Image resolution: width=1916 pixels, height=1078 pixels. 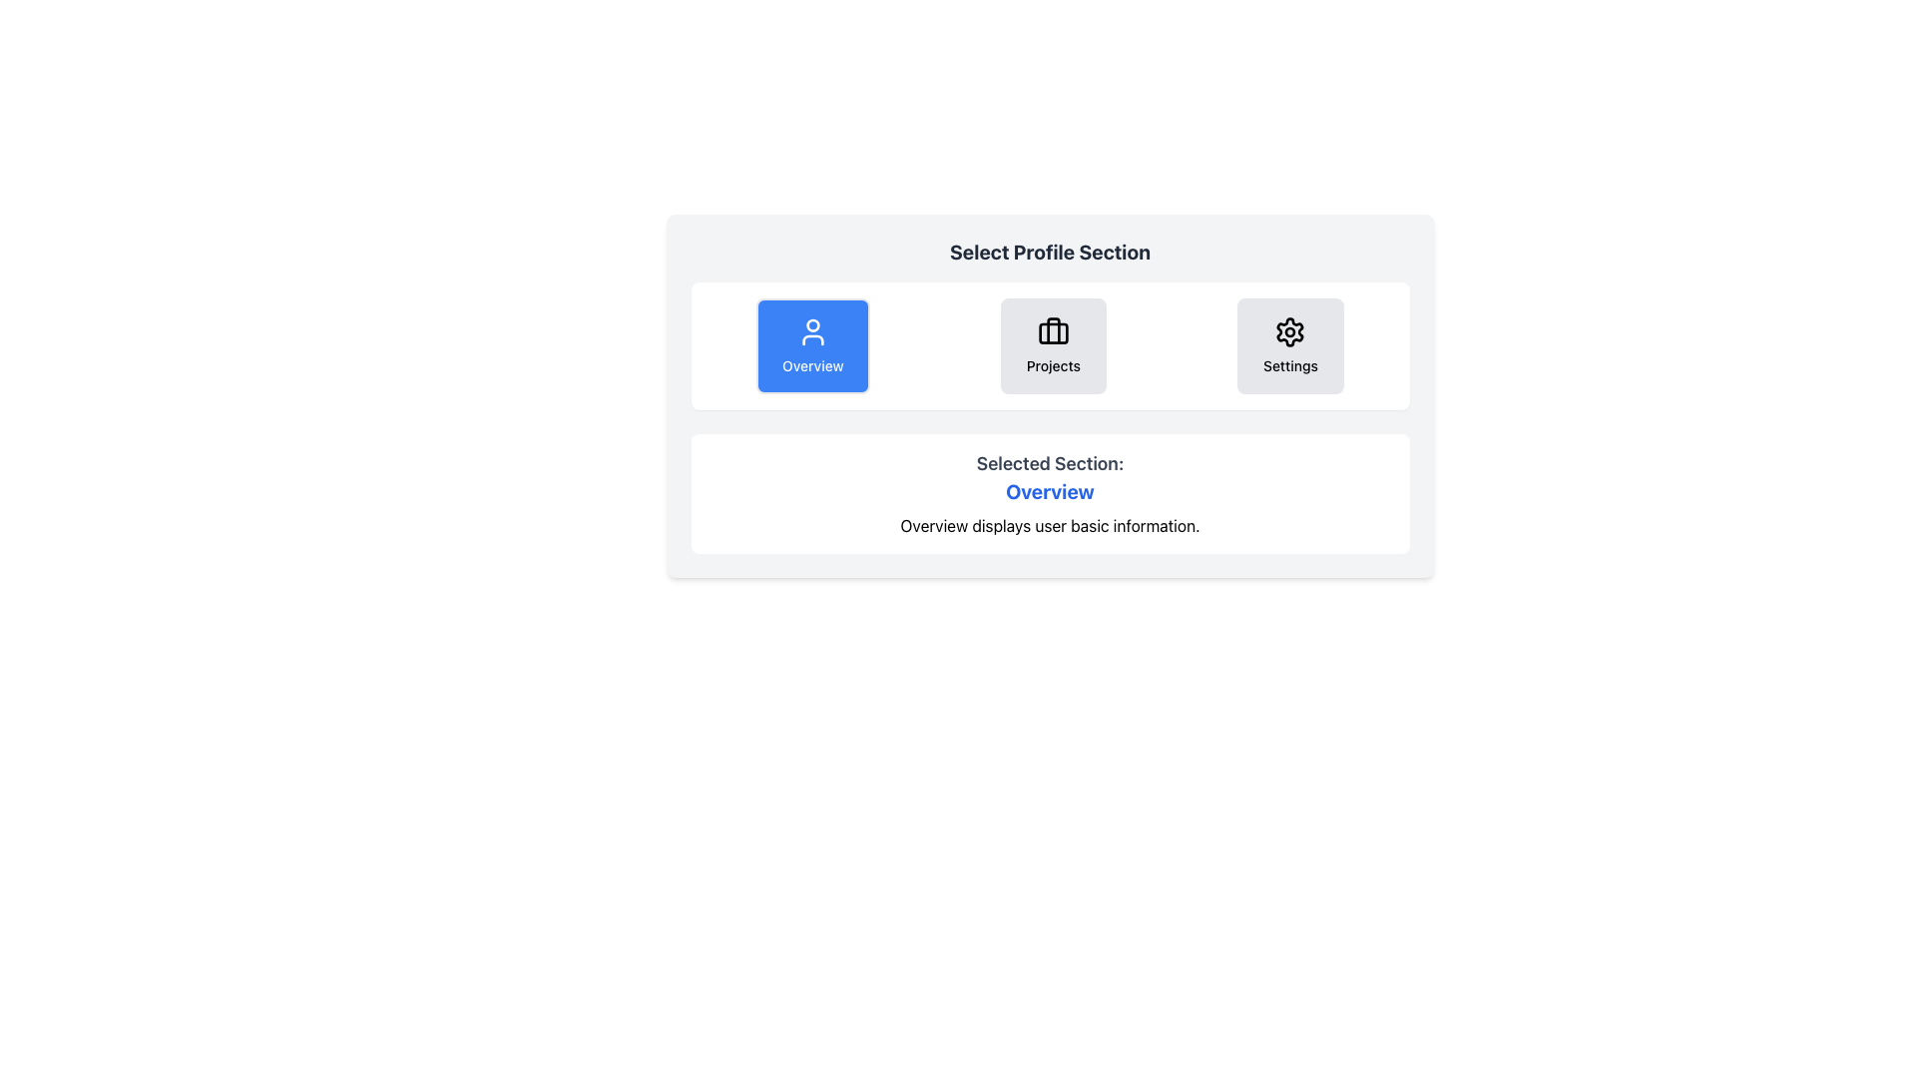 I want to click on the first button in the horizontally aligned group, so click(x=812, y=345).